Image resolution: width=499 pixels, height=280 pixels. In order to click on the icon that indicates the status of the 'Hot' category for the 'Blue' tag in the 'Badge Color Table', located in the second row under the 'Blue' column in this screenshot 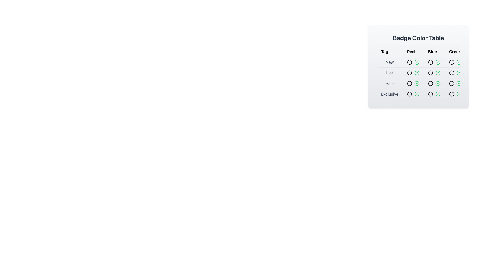, I will do `click(430, 73)`.